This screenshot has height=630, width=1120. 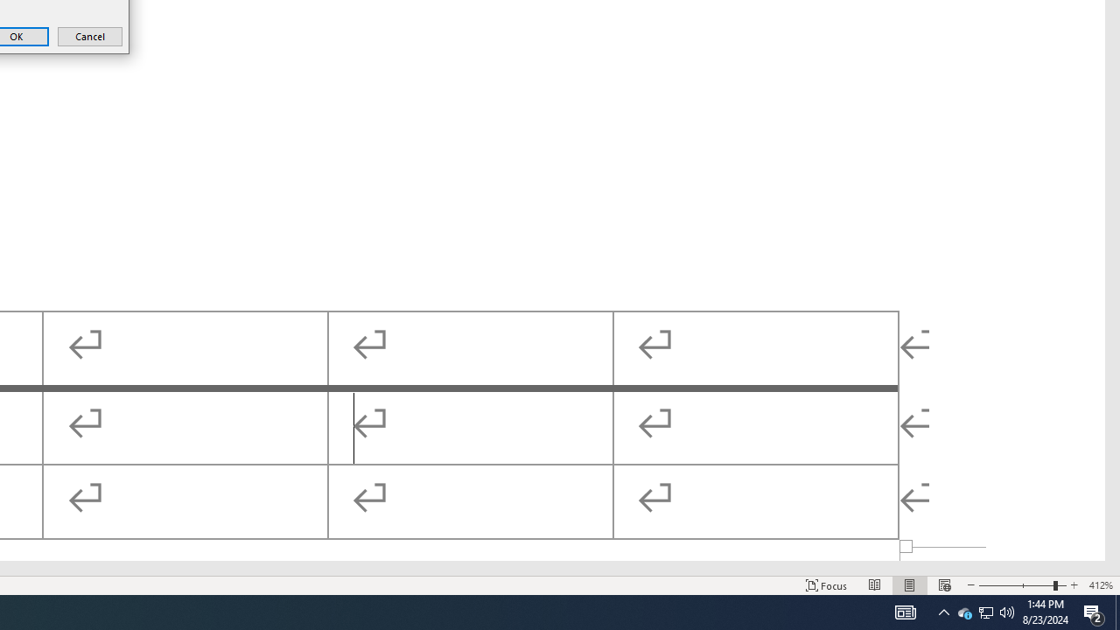 What do you see at coordinates (89, 37) in the screenshot?
I see `'Cancel'` at bounding box center [89, 37].